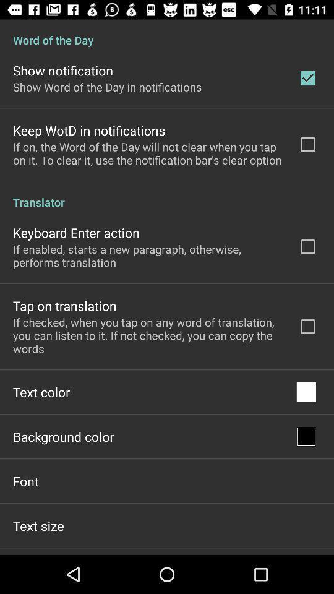  Describe the element at coordinates (167, 196) in the screenshot. I see `the app below if on the icon` at that location.